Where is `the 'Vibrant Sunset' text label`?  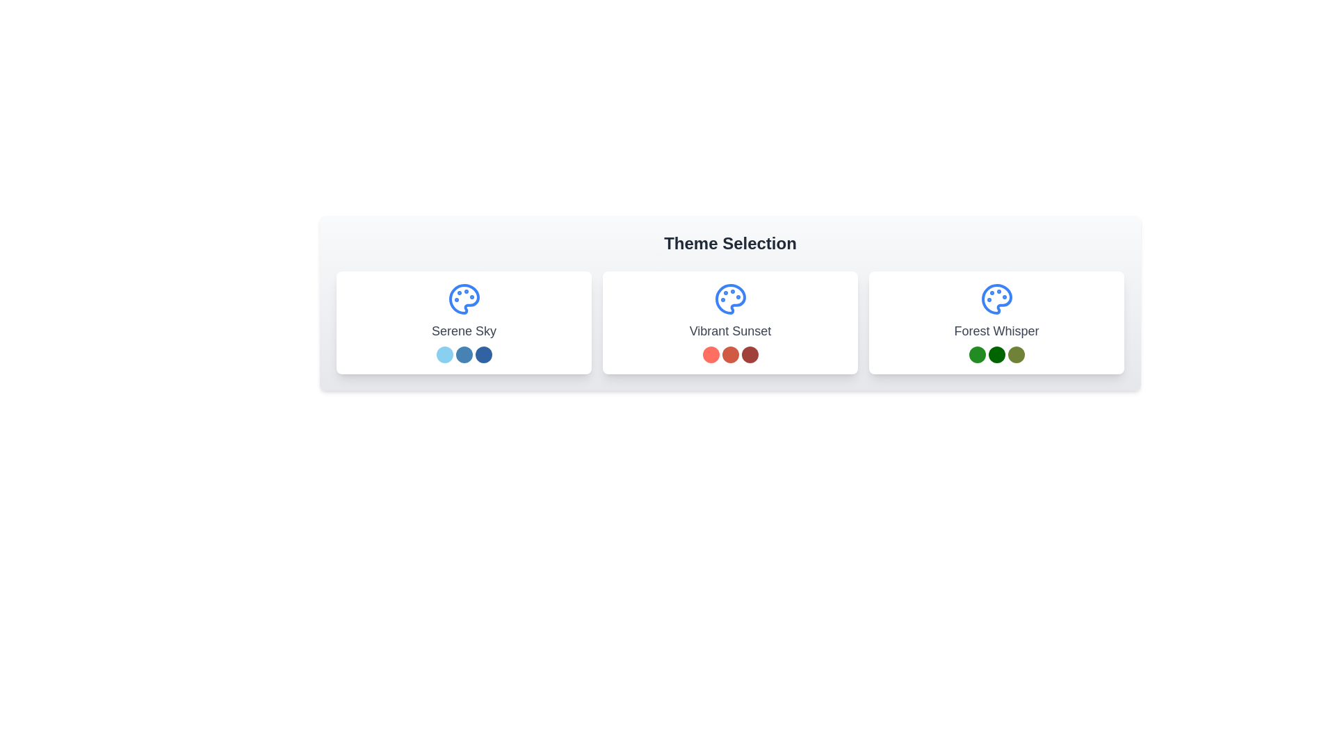 the 'Vibrant Sunset' text label is located at coordinates (729, 331).